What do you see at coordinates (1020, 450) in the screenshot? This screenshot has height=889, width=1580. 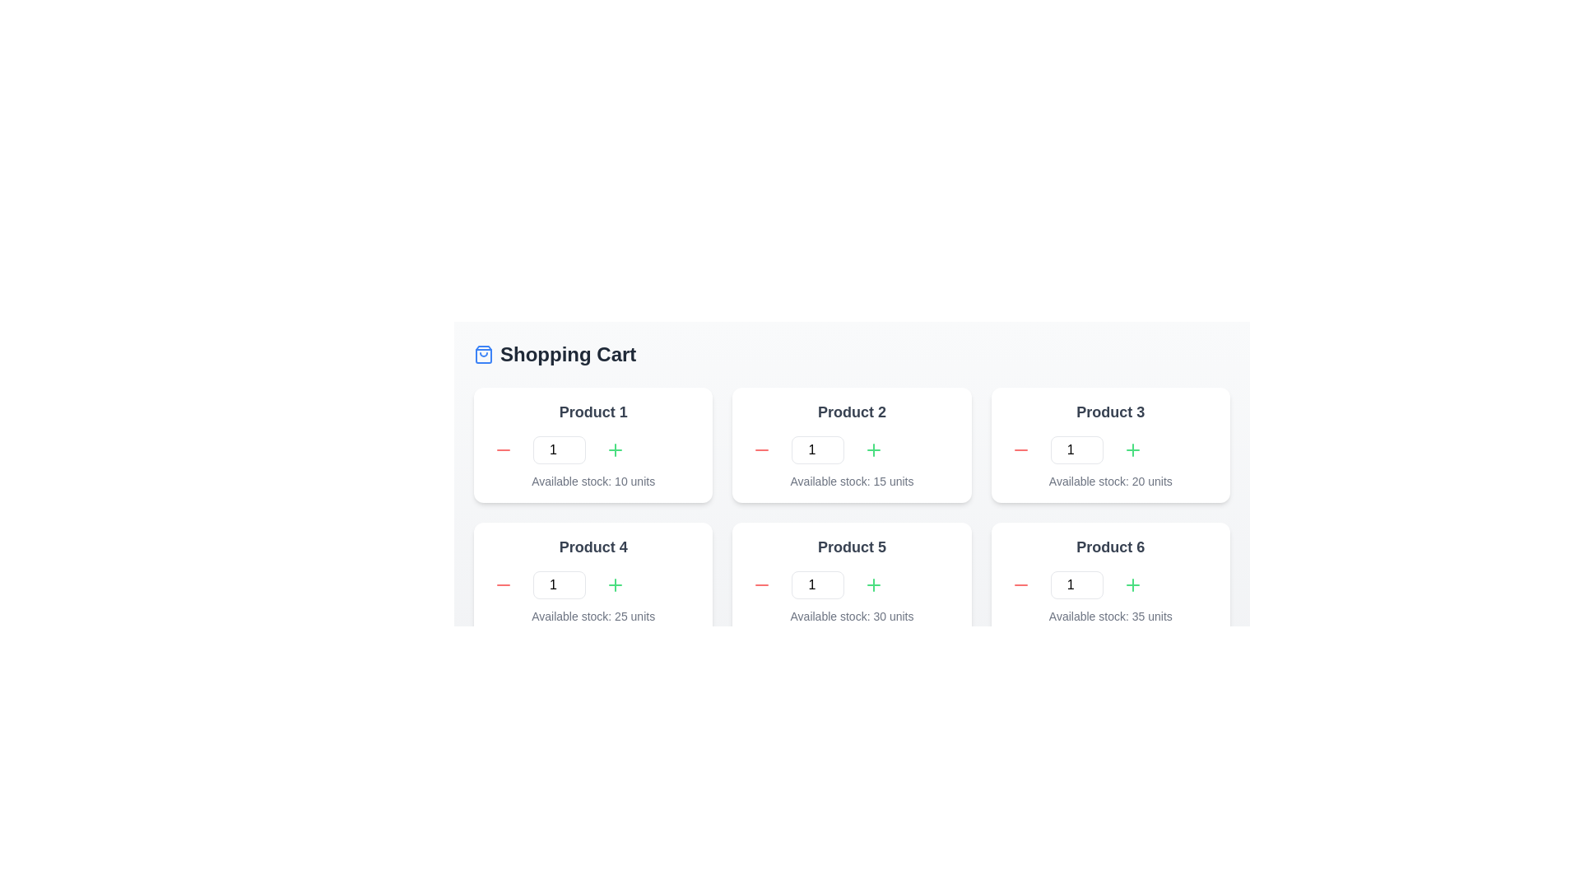 I see `the red decrement button, which resembles a minus sign, located on the left side of the quantity display for 'Product 3'` at bounding box center [1020, 450].